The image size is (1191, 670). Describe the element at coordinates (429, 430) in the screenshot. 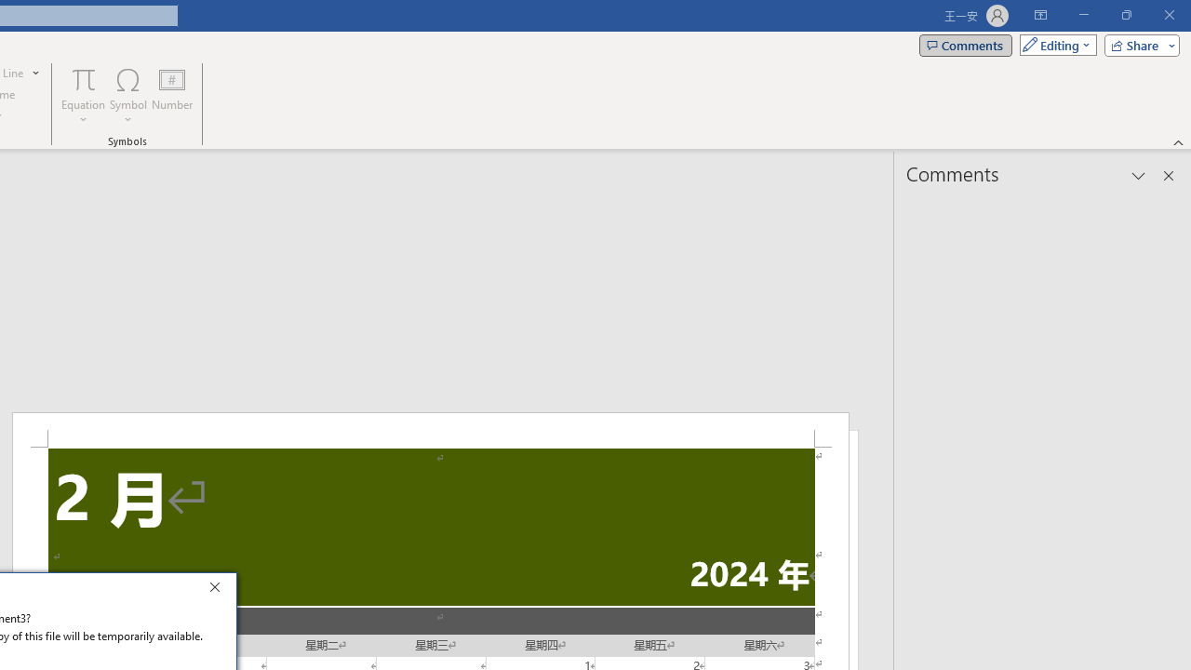

I see `'Header -Section 2-'` at that location.